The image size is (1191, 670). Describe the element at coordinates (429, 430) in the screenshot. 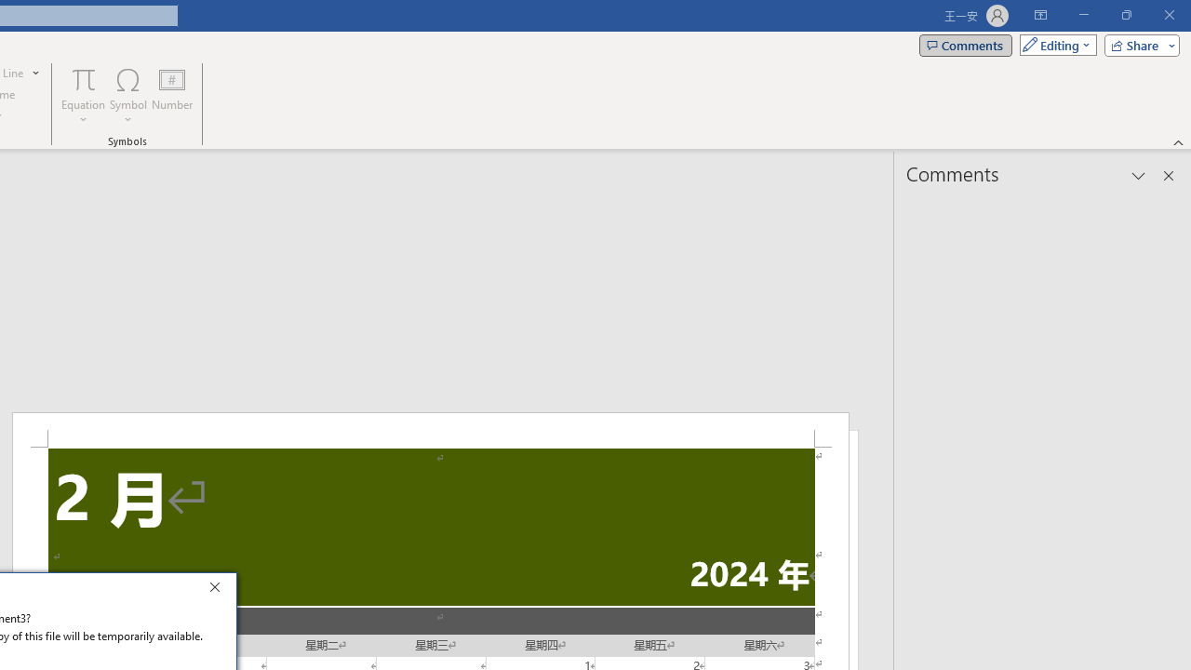

I see `'Header -Section 2-'` at that location.